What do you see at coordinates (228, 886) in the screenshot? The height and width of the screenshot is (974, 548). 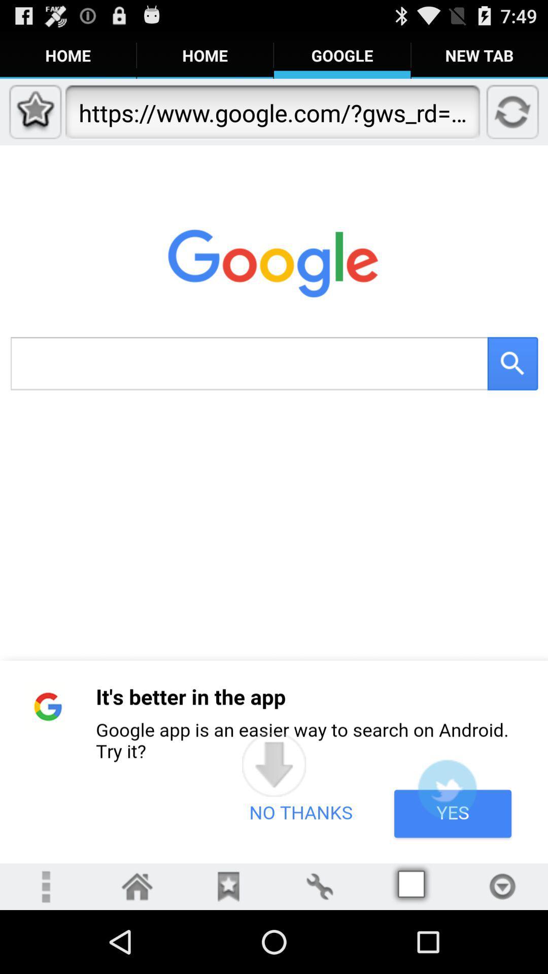 I see `the button on the left to the settings button on the web page` at bounding box center [228, 886].